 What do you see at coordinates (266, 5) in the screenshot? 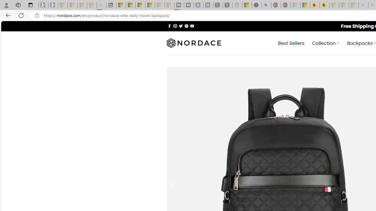
I see `'poe - Search'` at bounding box center [266, 5].